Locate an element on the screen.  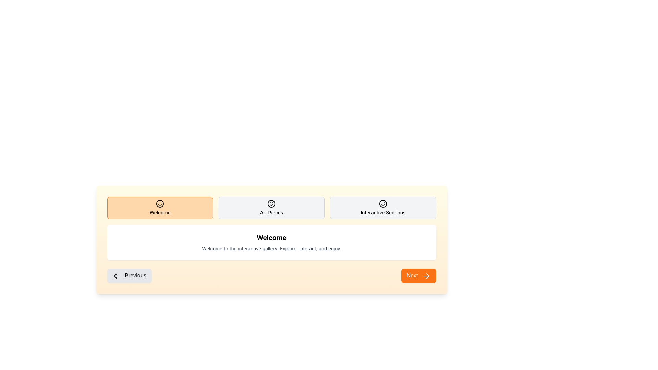
the visual indicator representing the 'Art Pieces' tab, which is centrally aligned within its section among three tabs labeled 'Welcome', 'Art Pieces', and 'Interactive Sections' is located at coordinates (271, 203).